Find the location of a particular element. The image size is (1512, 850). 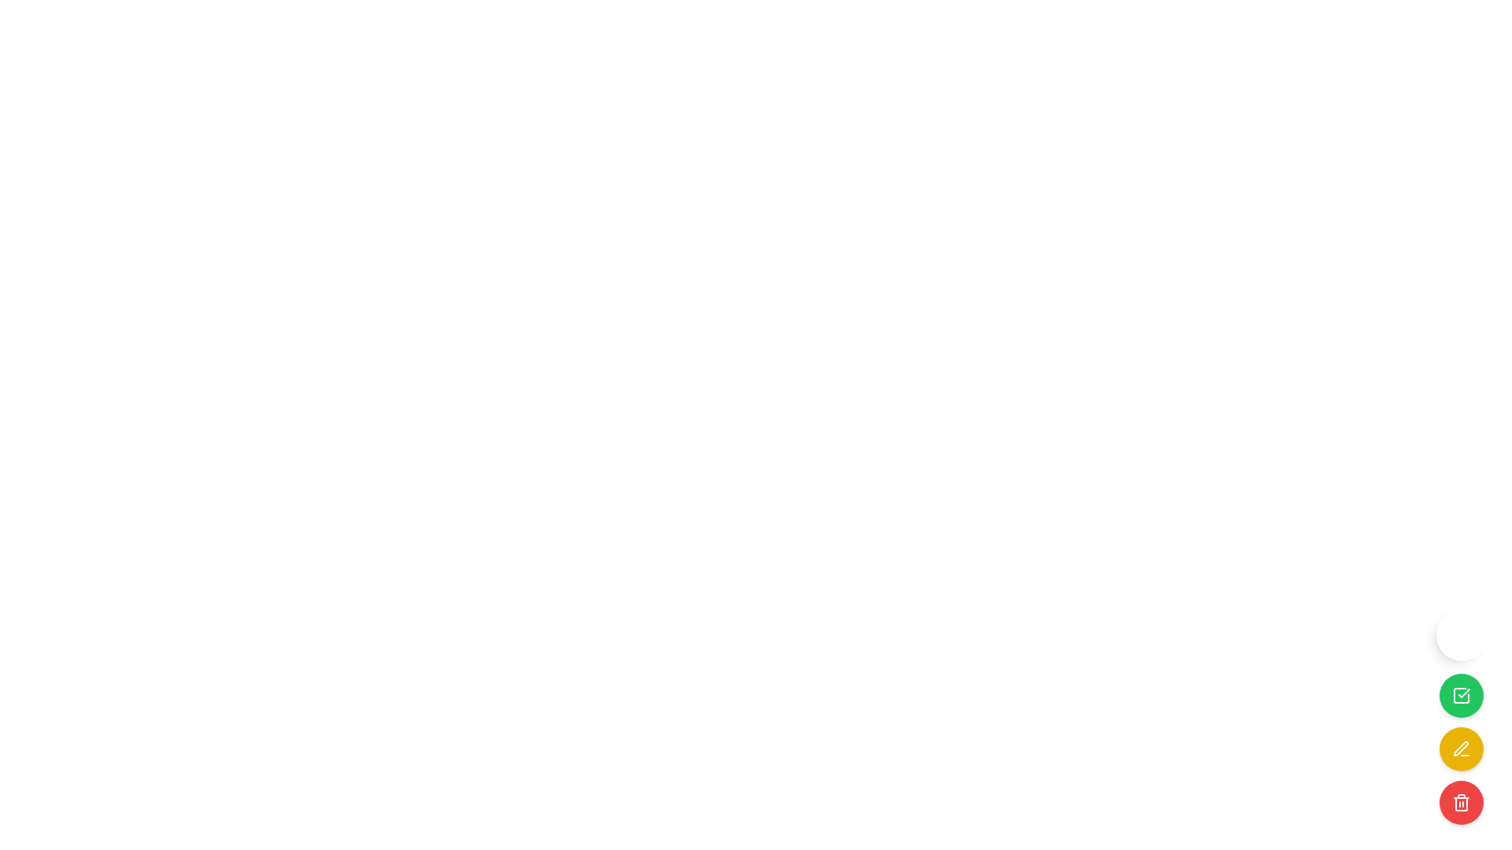

the small yellow circular button with a pen icon to initiate the edit action is located at coordinates (1461, 748).